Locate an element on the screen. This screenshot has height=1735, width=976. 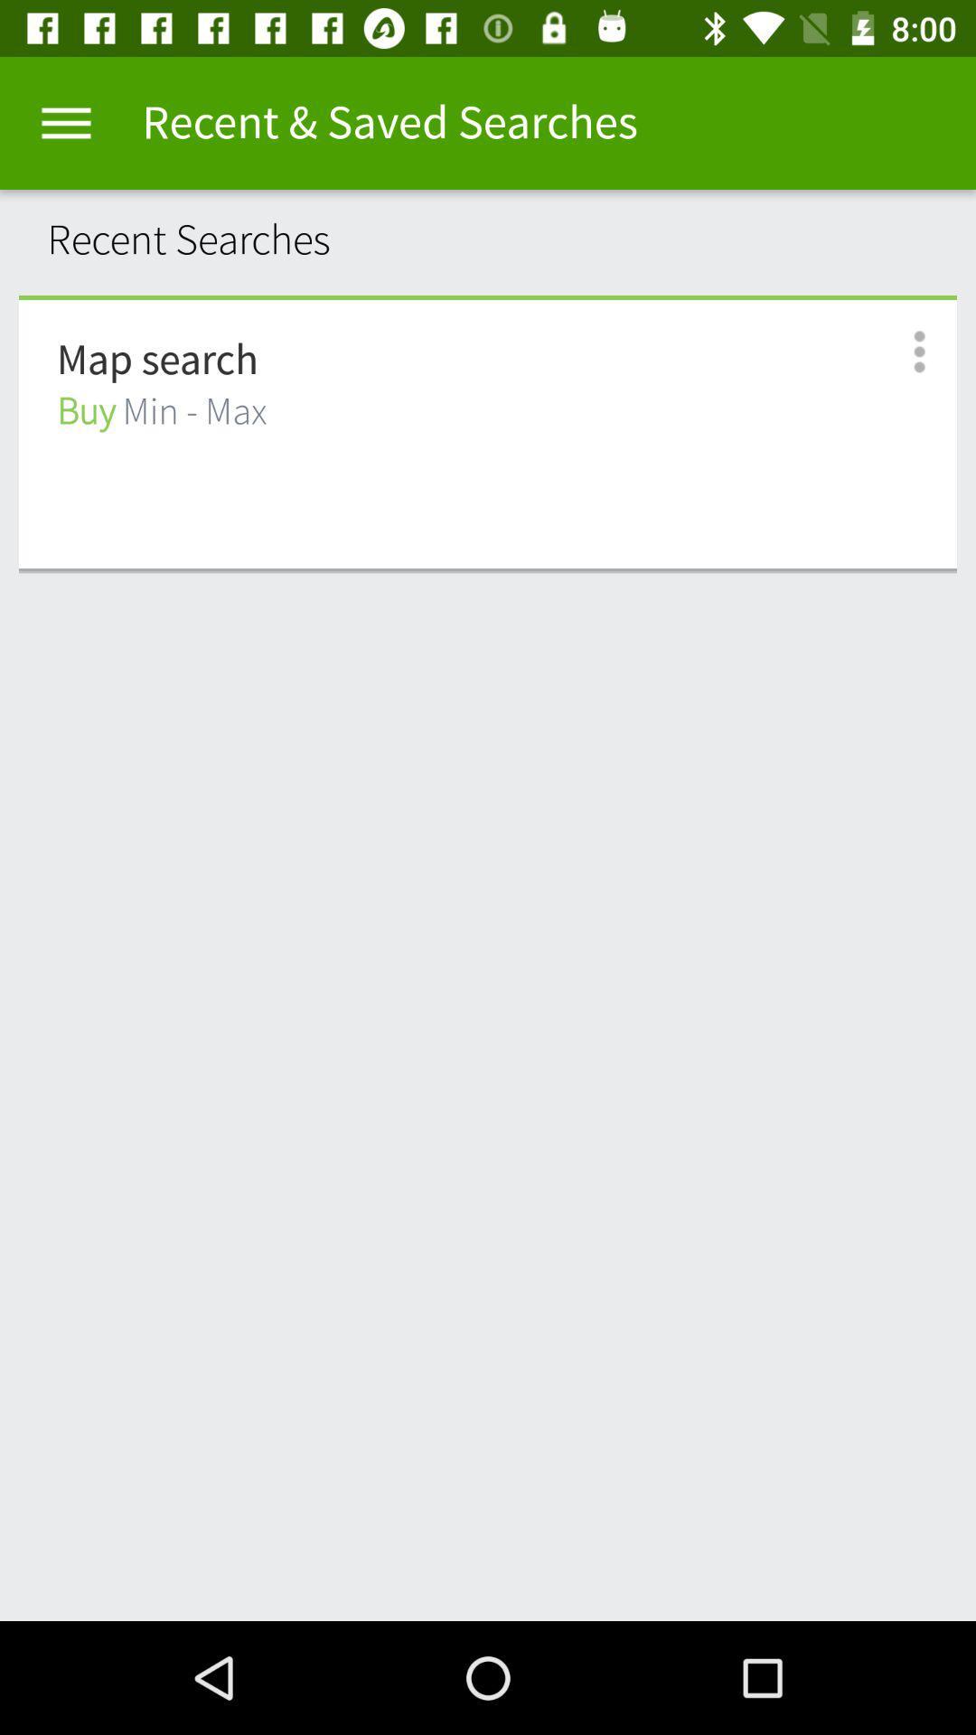
buy min - max item is located at coordinates (161, 411).